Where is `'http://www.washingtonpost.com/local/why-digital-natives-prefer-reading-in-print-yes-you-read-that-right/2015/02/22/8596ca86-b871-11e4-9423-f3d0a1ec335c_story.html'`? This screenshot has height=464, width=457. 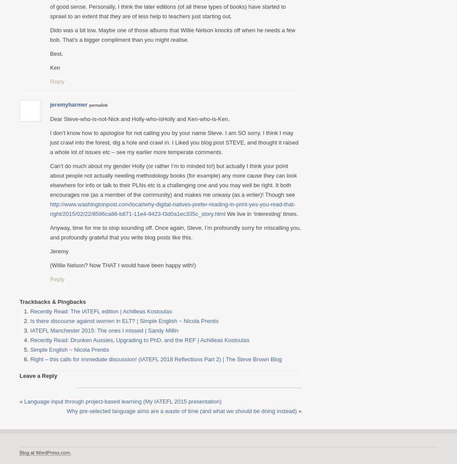 'http://www.washingtonpost.com/local/why-digital-natives-prefer-reading-in-print-yes-you-read-that-right/2015/02/22/8596ca86-b871-11e4-9423-f3d0a1ec335c_story.html' is located at coordinates (172, 208).